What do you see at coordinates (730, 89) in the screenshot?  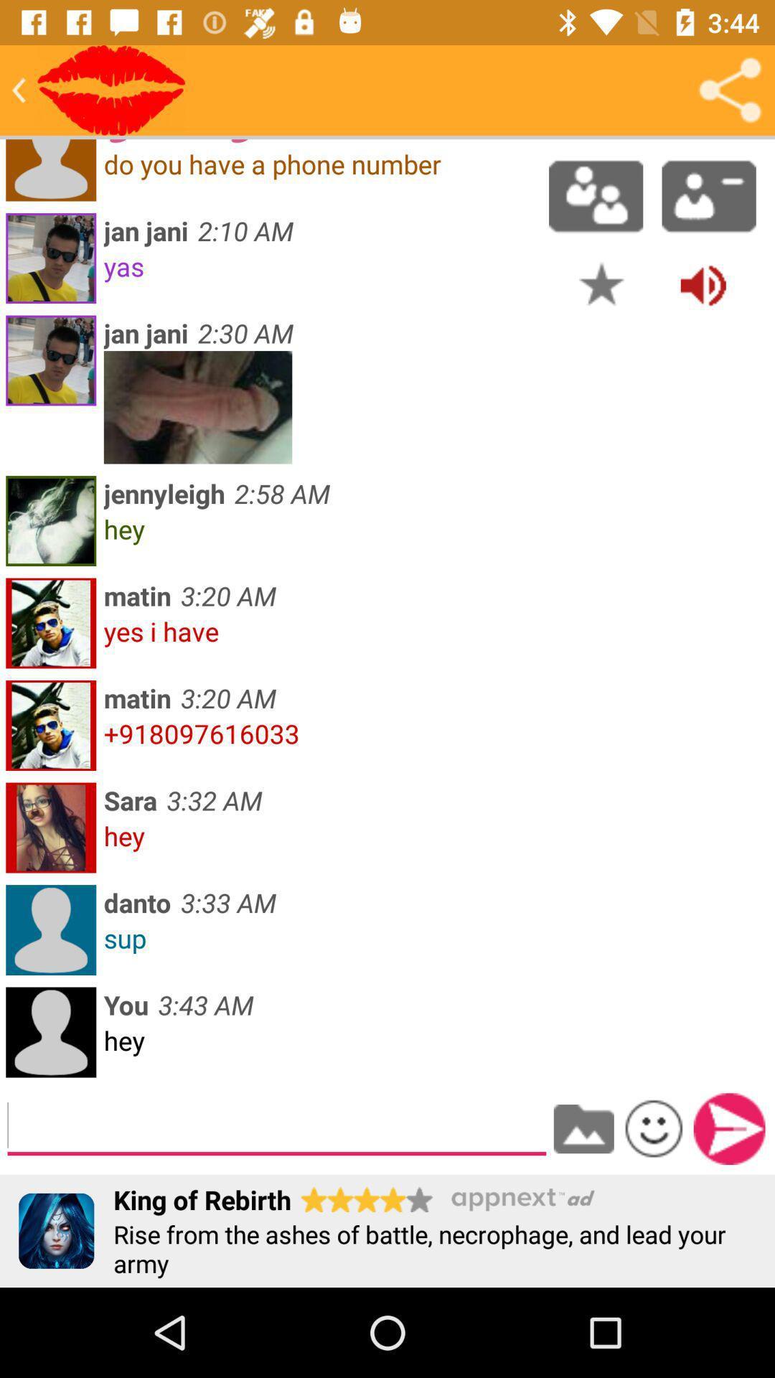 I see `share the conversation` at bounding box center [730, 89].